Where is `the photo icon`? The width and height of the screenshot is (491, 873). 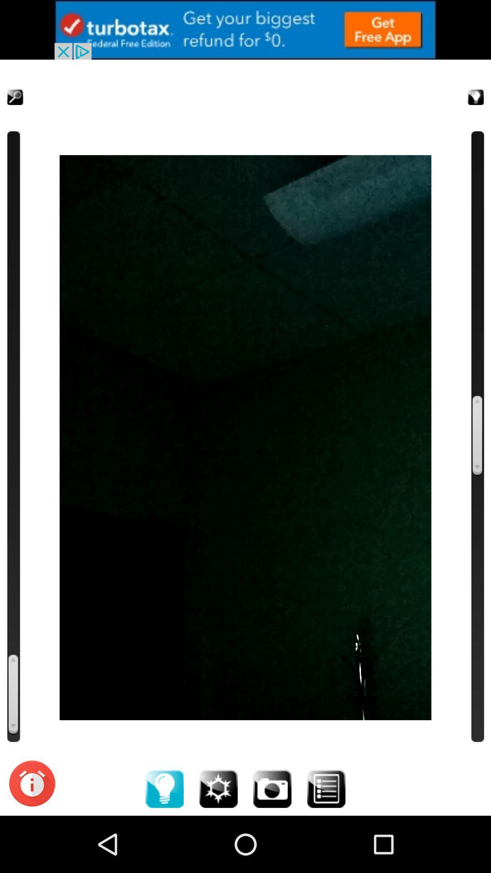 the photo icon is located at coordinates (272, 843).